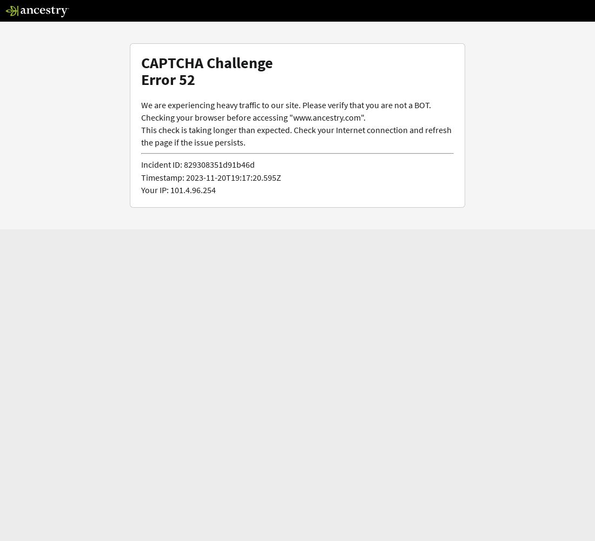  What do you see at coordinates (141, 189) in the screenshot?
I see `'Your IP:'` at bounding box center [141, 189].